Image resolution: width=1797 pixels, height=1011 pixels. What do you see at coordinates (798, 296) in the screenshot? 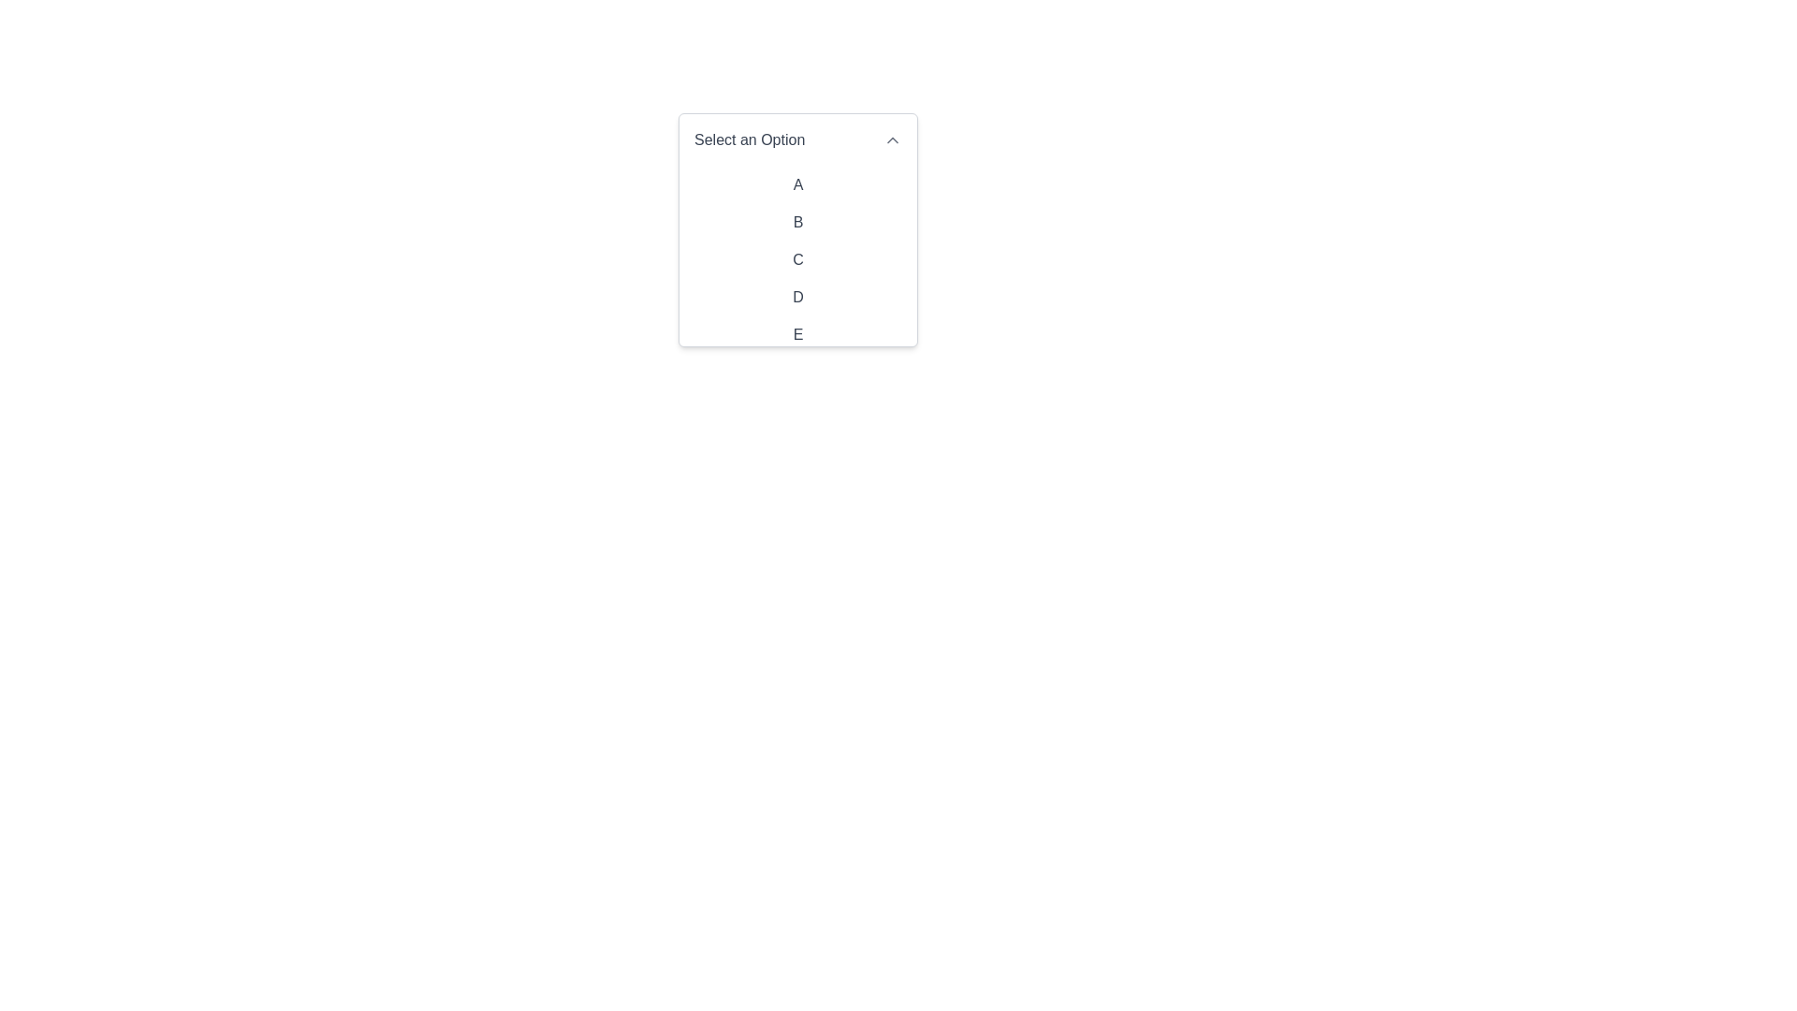
I see `the fourth list item labeled 'D' in the dropdown menu` at bounding box center [798, 296].